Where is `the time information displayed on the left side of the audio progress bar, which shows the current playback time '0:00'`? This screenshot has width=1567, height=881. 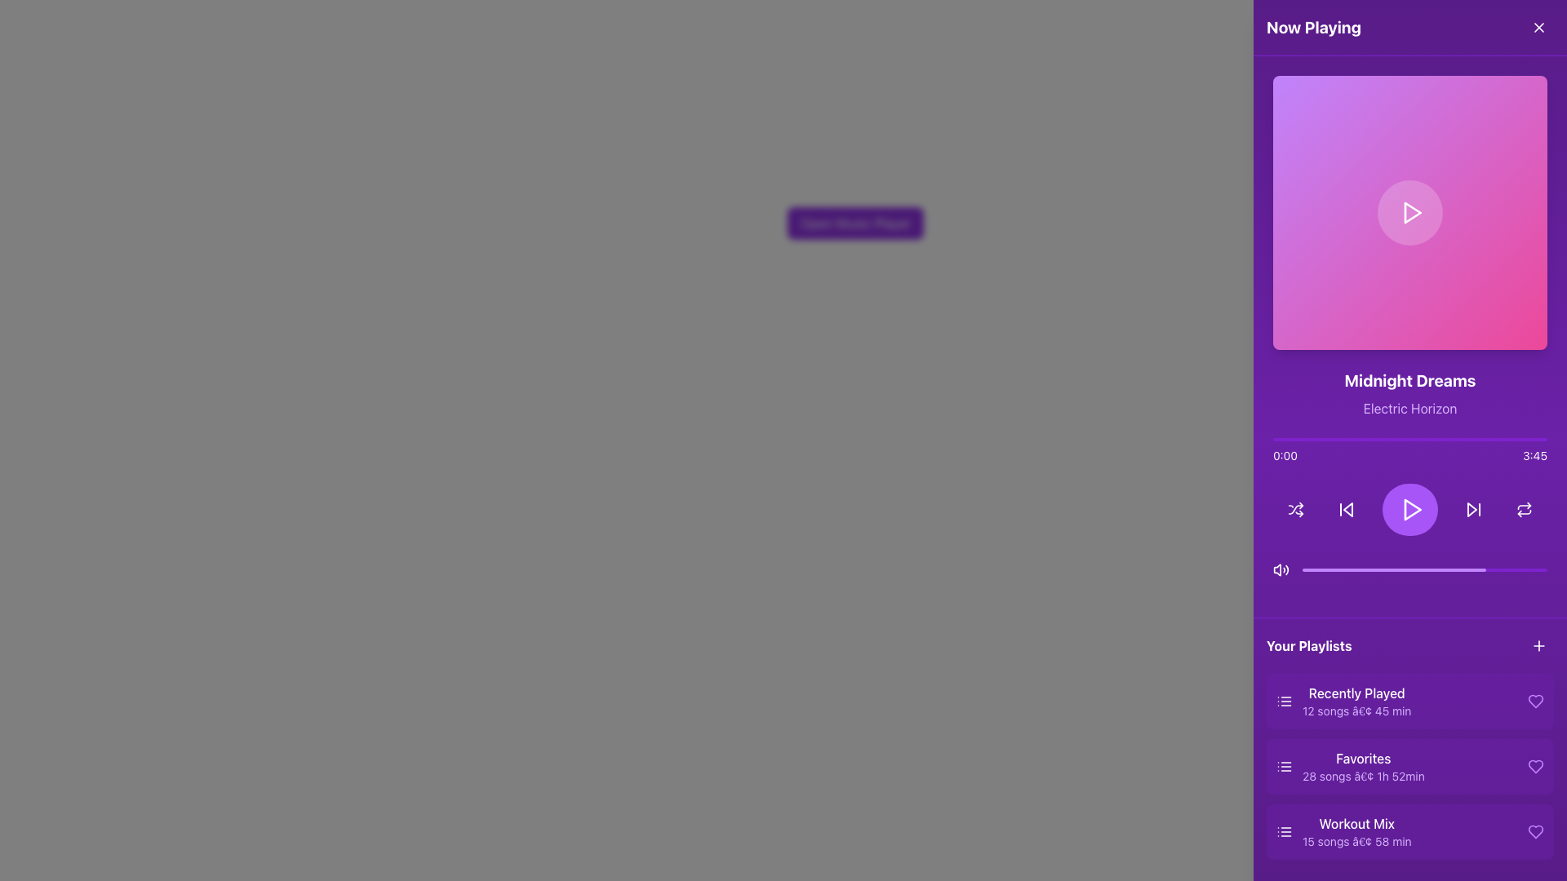
the time information displayed on the left side of the audio progress bar, which shows the current playback time '0:00' is located at coordinates (1284, 456).